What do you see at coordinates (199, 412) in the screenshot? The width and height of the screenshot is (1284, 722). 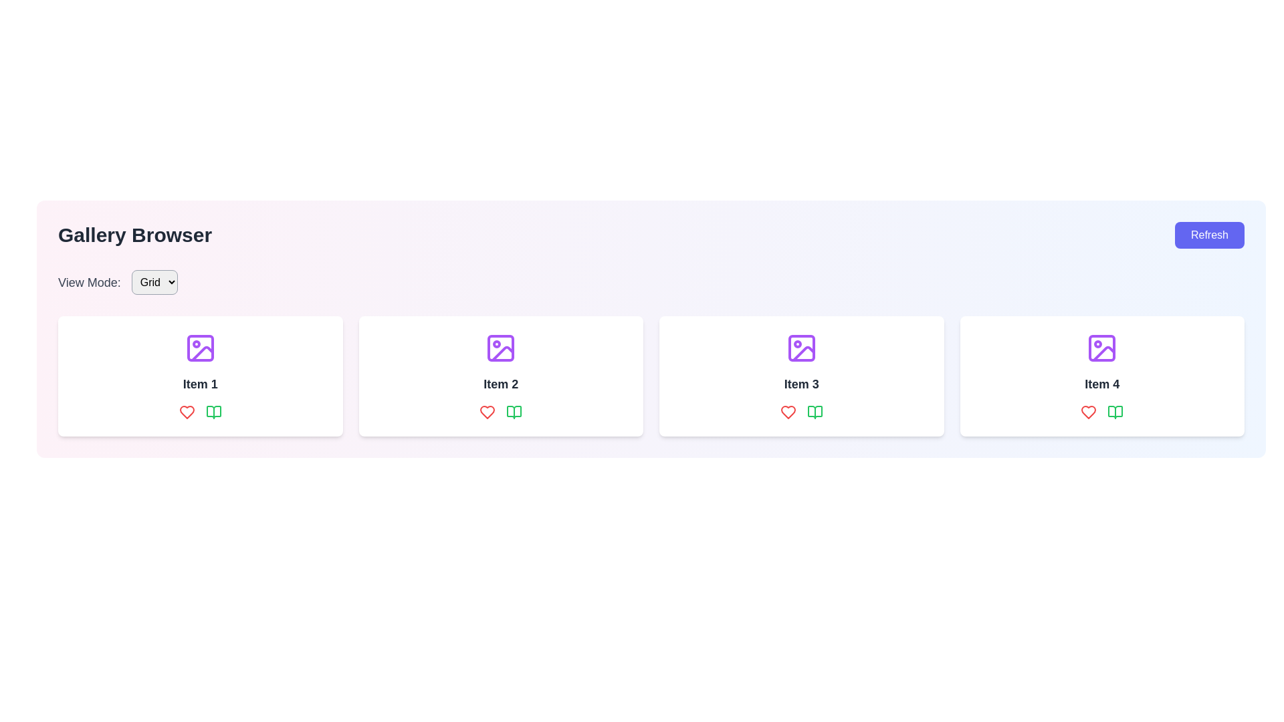 I see `the heart icon located in the bottom section of the card labeled 'Item 1' to like the item` at bounding box center [199, 412].